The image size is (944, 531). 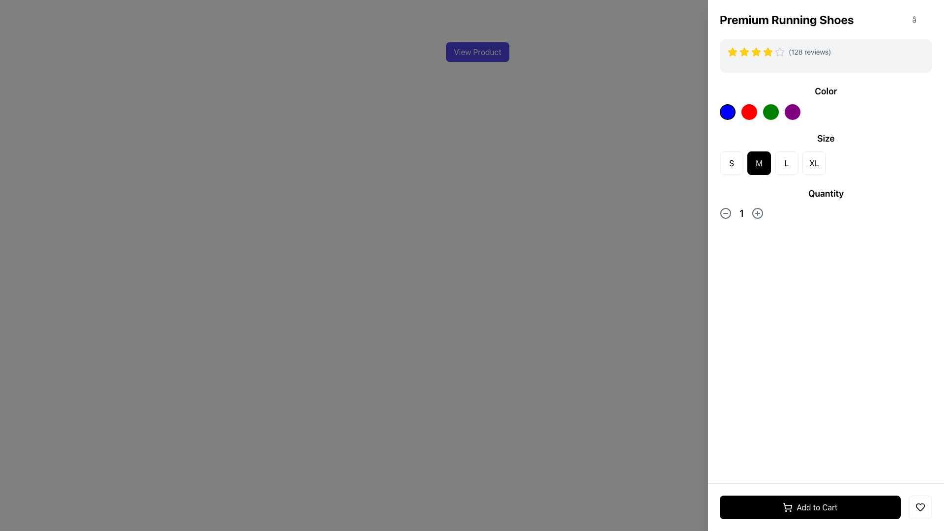 I want to click on the square button with a white background and a black heart icon, so click(x=920, y=507).